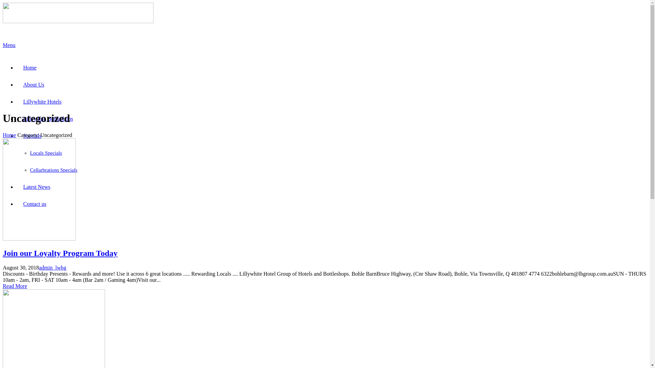 The image size is (655, 368). I want to click on 'Read More', so click(15, 286).